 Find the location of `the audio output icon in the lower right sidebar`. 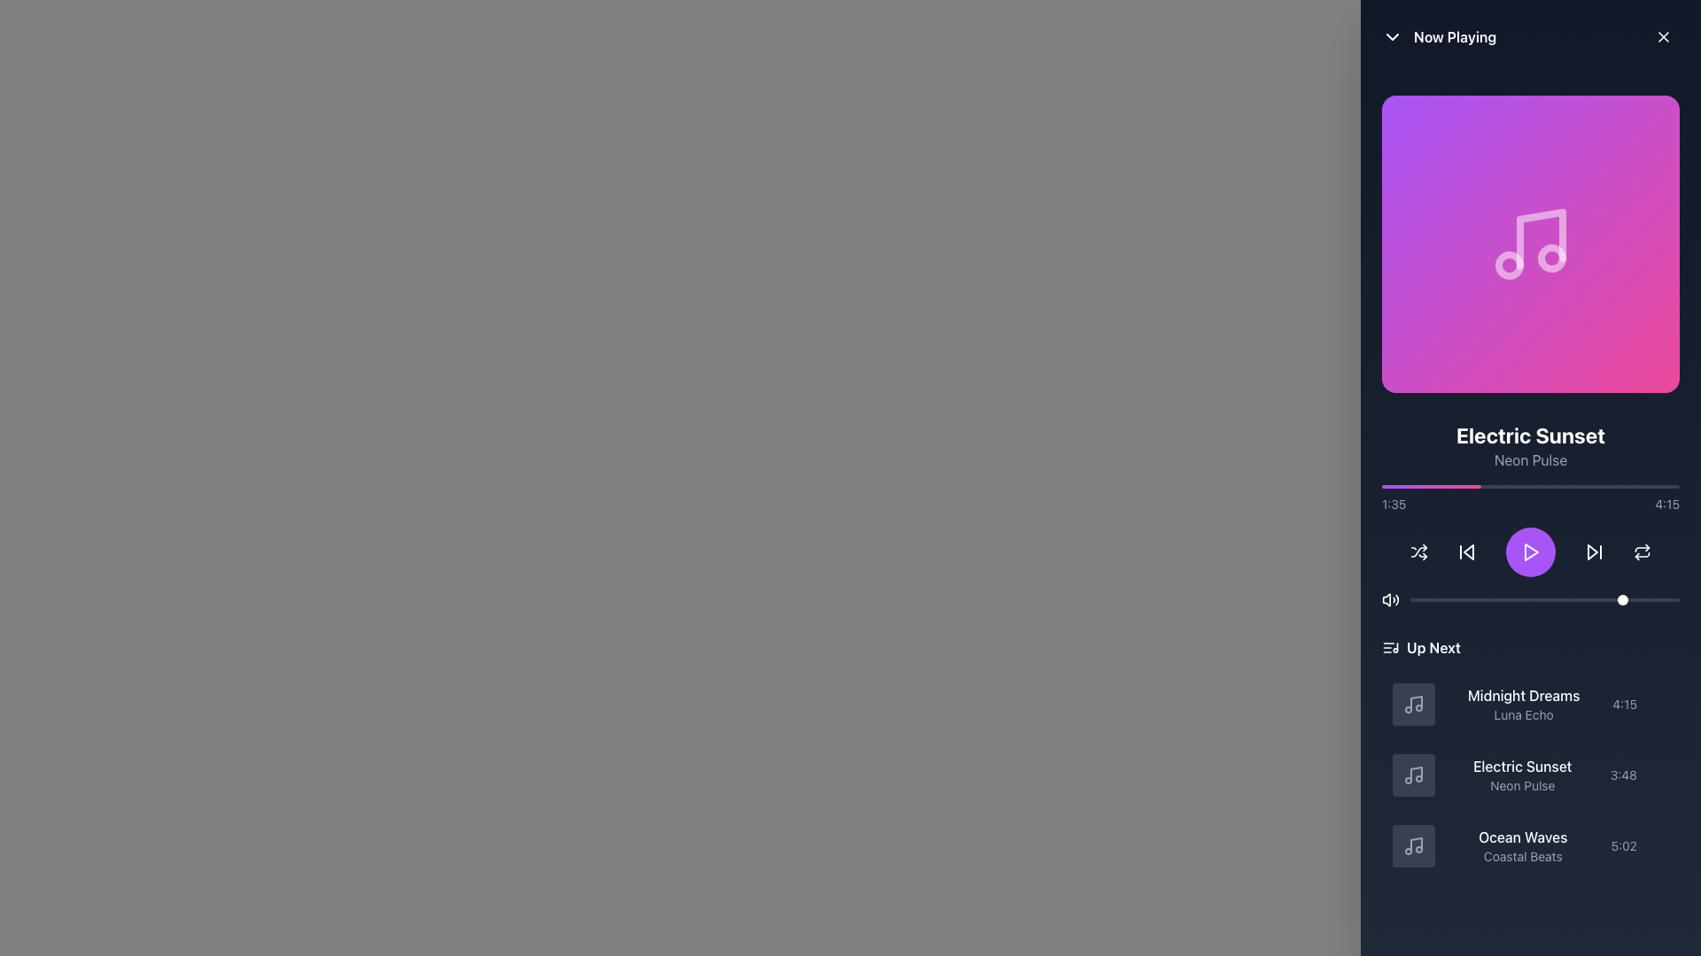

the audio output icon in the lower right sidebar is located at coordinates (1386, 599).